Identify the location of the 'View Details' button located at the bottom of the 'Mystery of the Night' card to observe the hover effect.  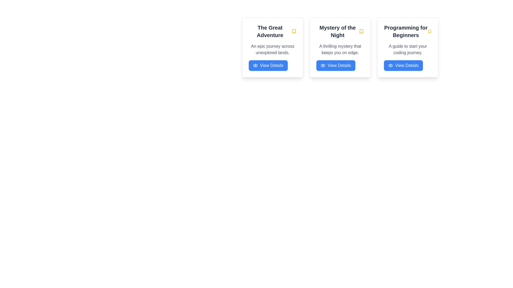
(335, 65).